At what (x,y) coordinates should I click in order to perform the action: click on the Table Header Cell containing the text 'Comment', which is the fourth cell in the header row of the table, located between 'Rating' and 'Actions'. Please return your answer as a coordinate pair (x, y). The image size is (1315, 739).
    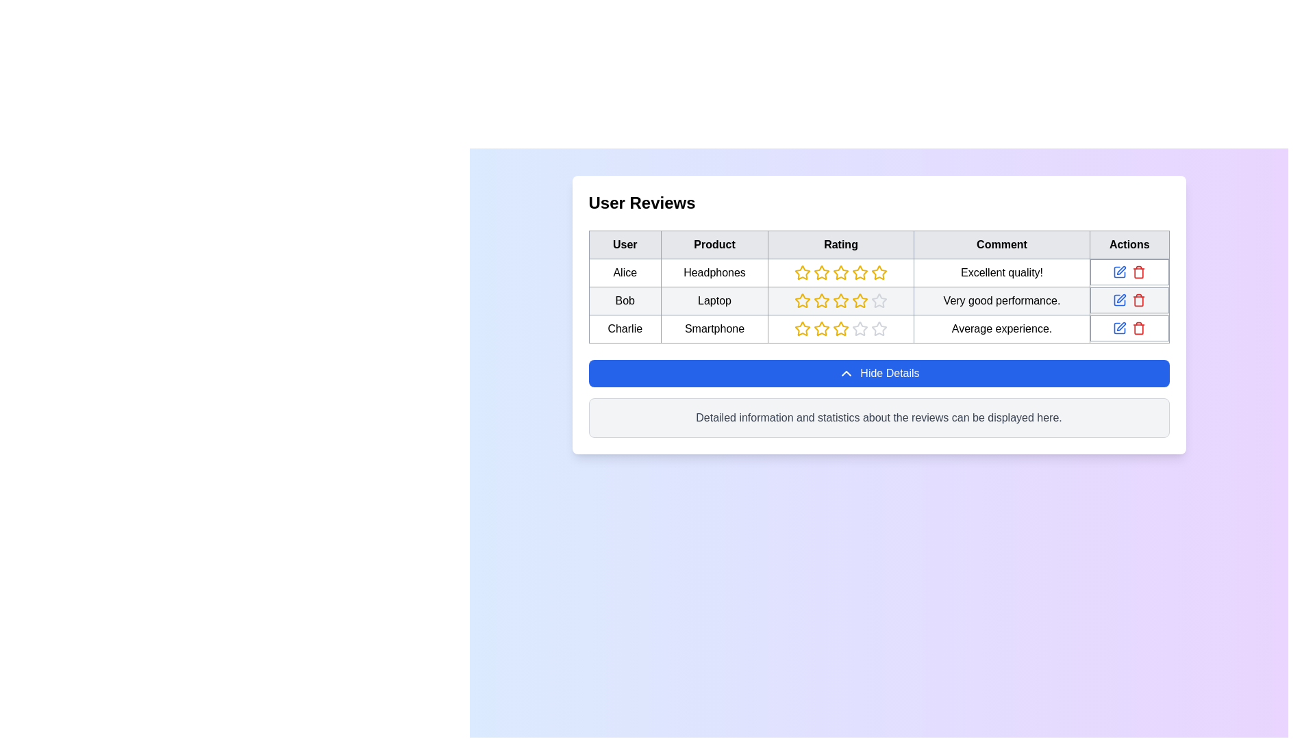
    Looking at the image, I should click on (1002, 244).